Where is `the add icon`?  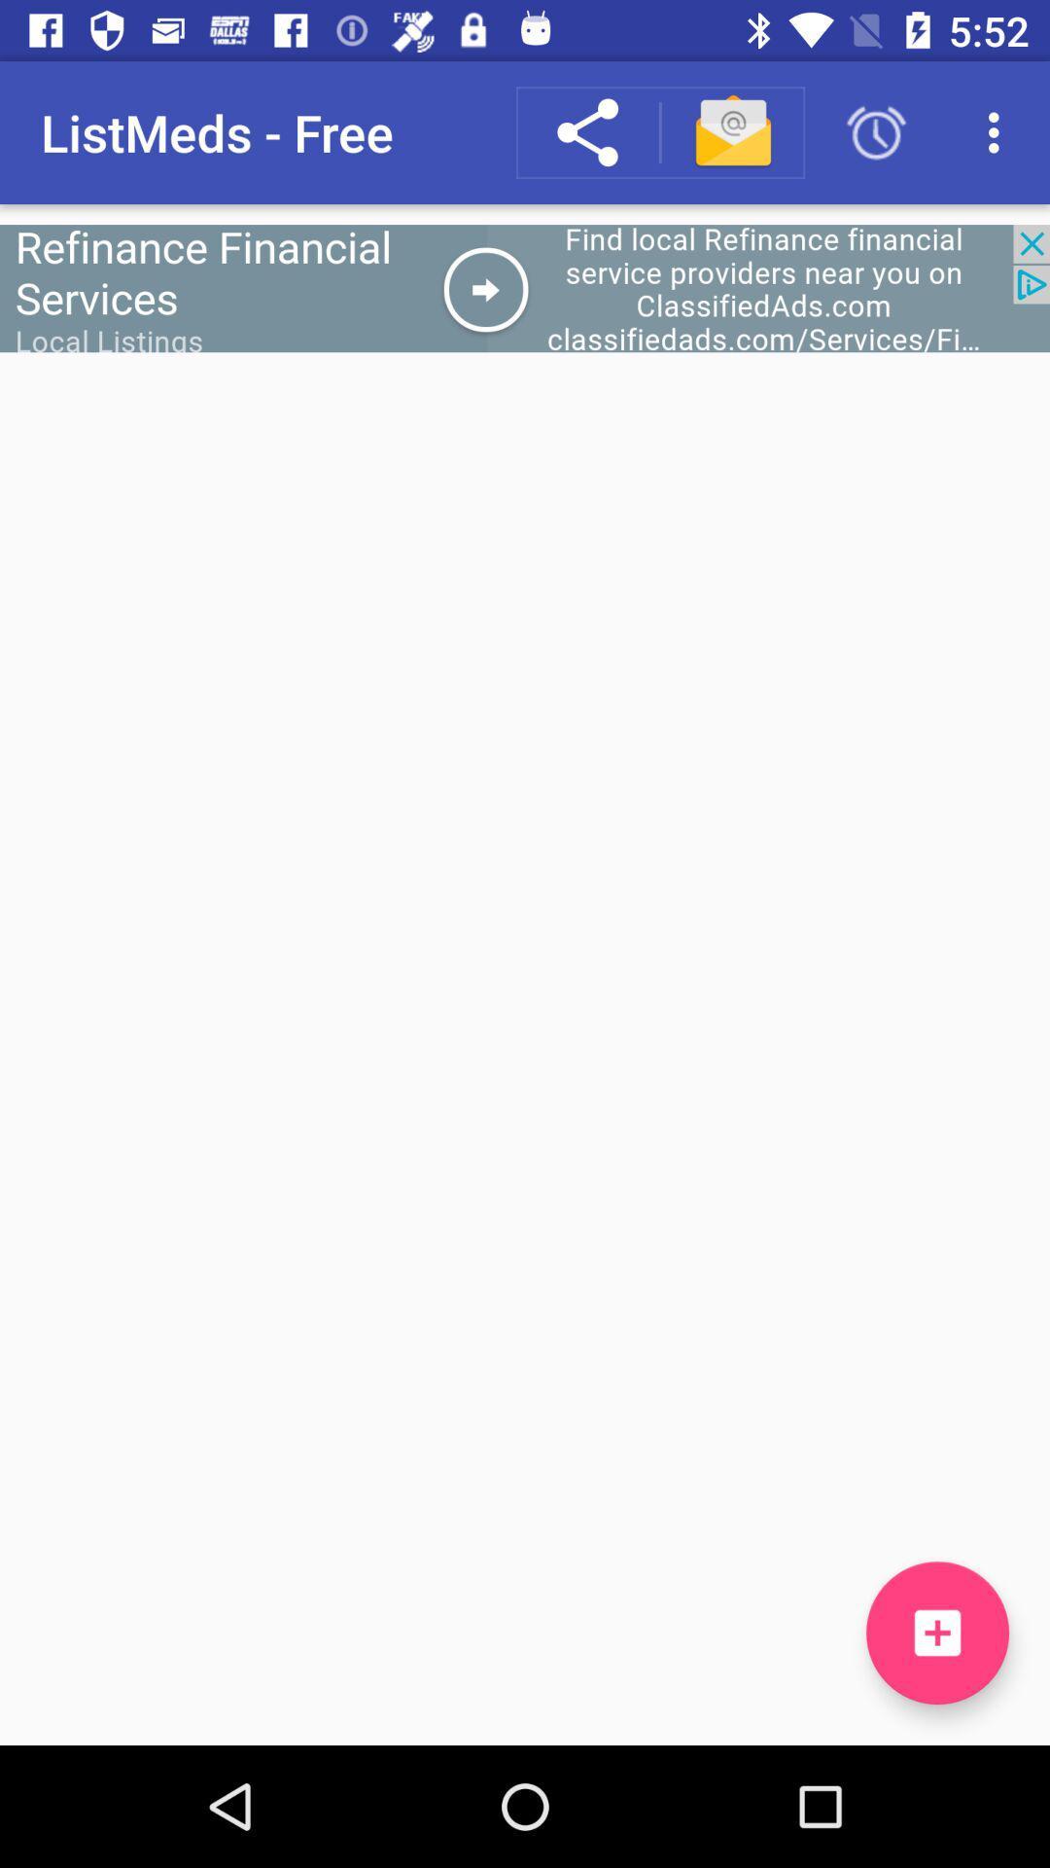
the add icon is located at coordinates (936, 1633).